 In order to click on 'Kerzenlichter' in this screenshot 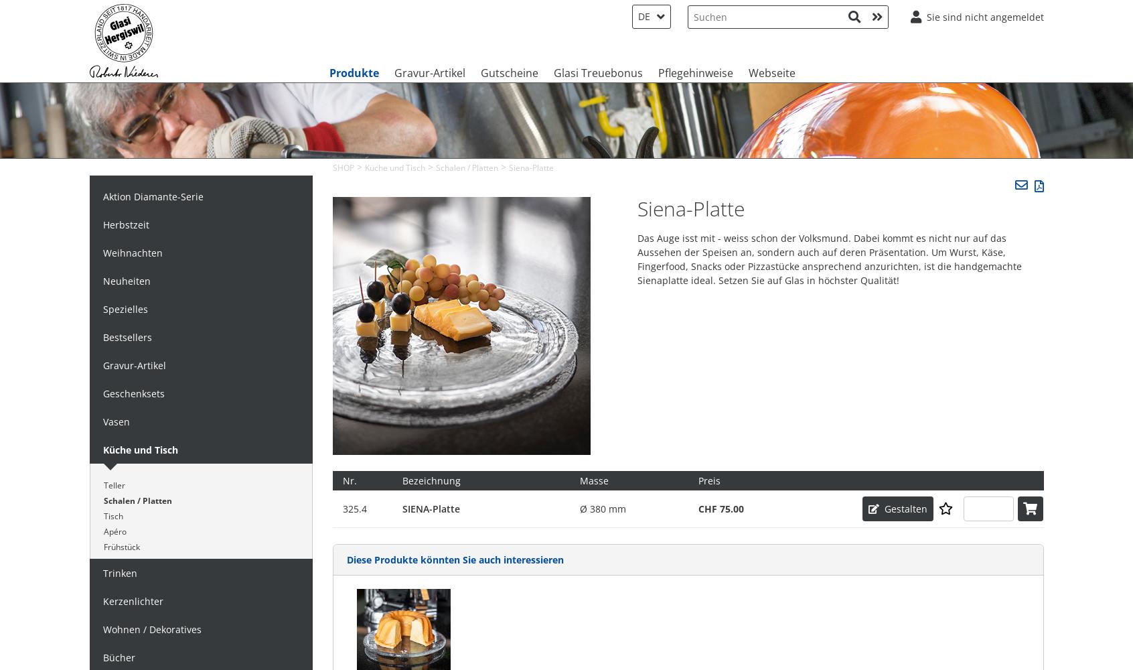, I will do `click(131, 600)`.